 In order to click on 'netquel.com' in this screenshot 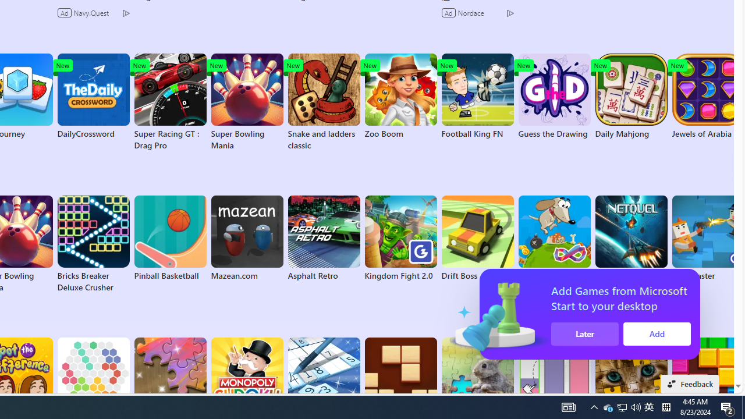, I will do `click(630, 238)`.